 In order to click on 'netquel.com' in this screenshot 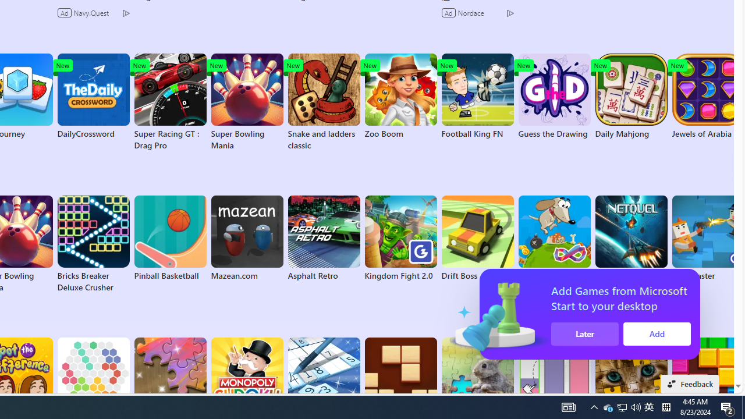, I will do `click(630, 238)`.